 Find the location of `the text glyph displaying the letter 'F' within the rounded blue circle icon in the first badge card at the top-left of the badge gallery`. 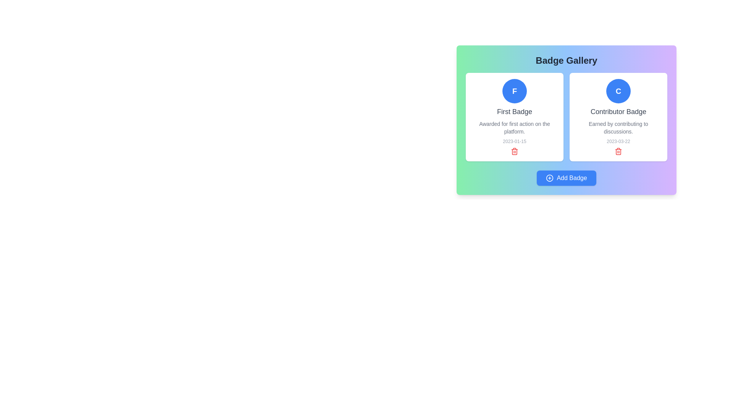

the text glyph displaying the letter 'F' within the rounded blue circle icon in the first badge card at the top-left of the badge gallery is located at coordinates (515, 91).